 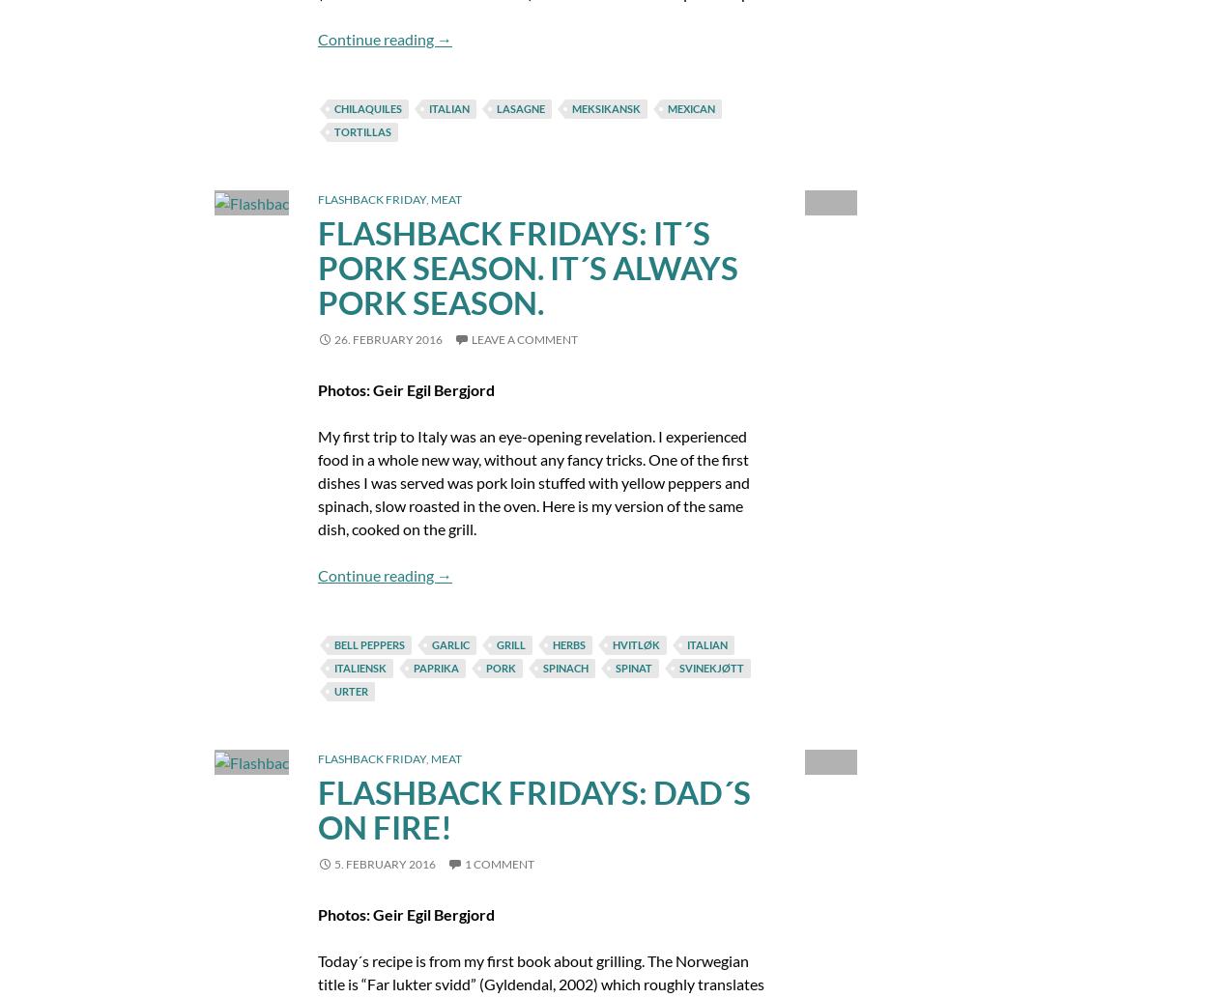 I want to click on 'Flashback Fridays: It´s Pork Season. It´s Always Pork Season.', so click(x=527, y=266).